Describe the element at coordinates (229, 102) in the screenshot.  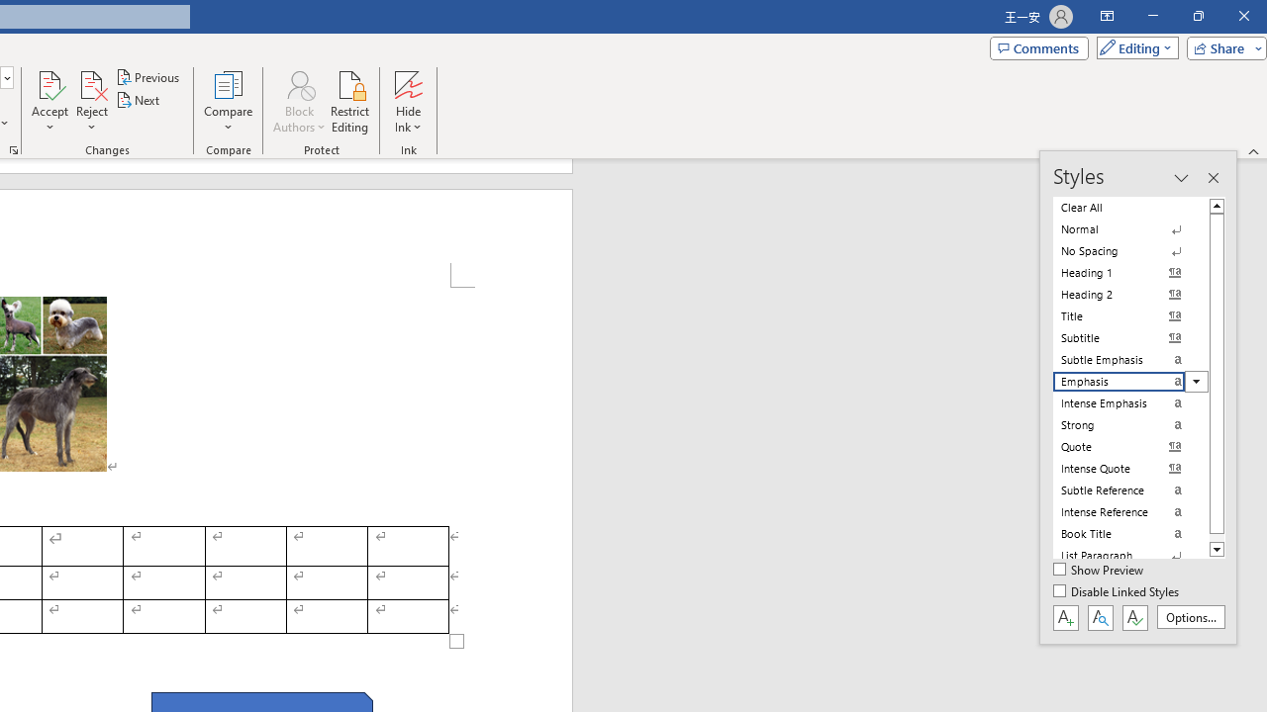
I see `'Compare'` at that location.